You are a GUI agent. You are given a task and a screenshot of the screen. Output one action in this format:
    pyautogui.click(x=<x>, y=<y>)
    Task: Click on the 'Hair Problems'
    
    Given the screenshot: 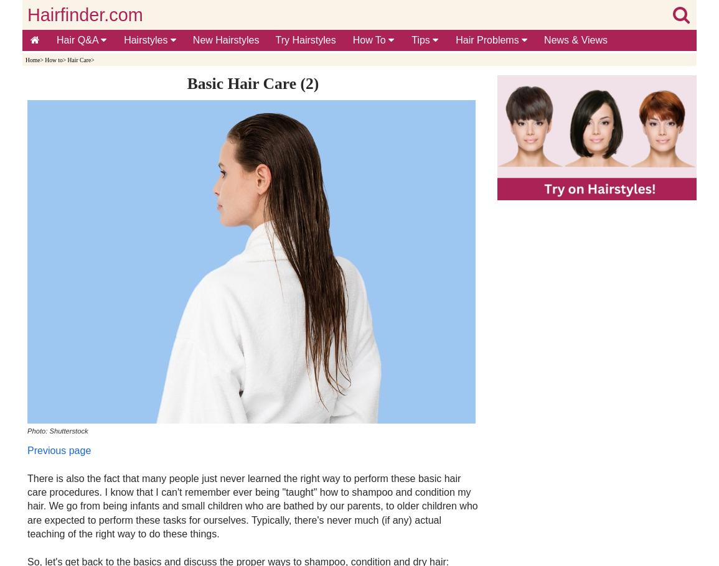 What is the action you would take?
    pyautogui.click(x=489, y=40)
    